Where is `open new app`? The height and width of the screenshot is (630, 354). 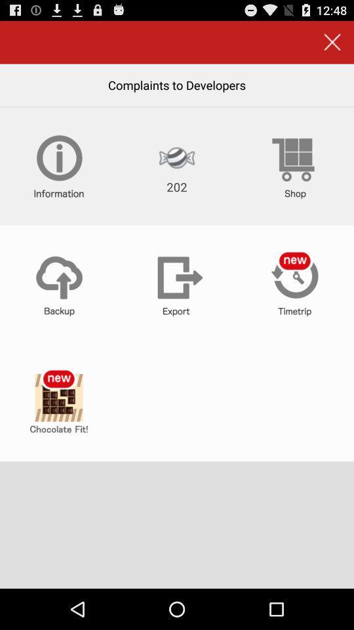
open new app is located at coordinates (58, 402).